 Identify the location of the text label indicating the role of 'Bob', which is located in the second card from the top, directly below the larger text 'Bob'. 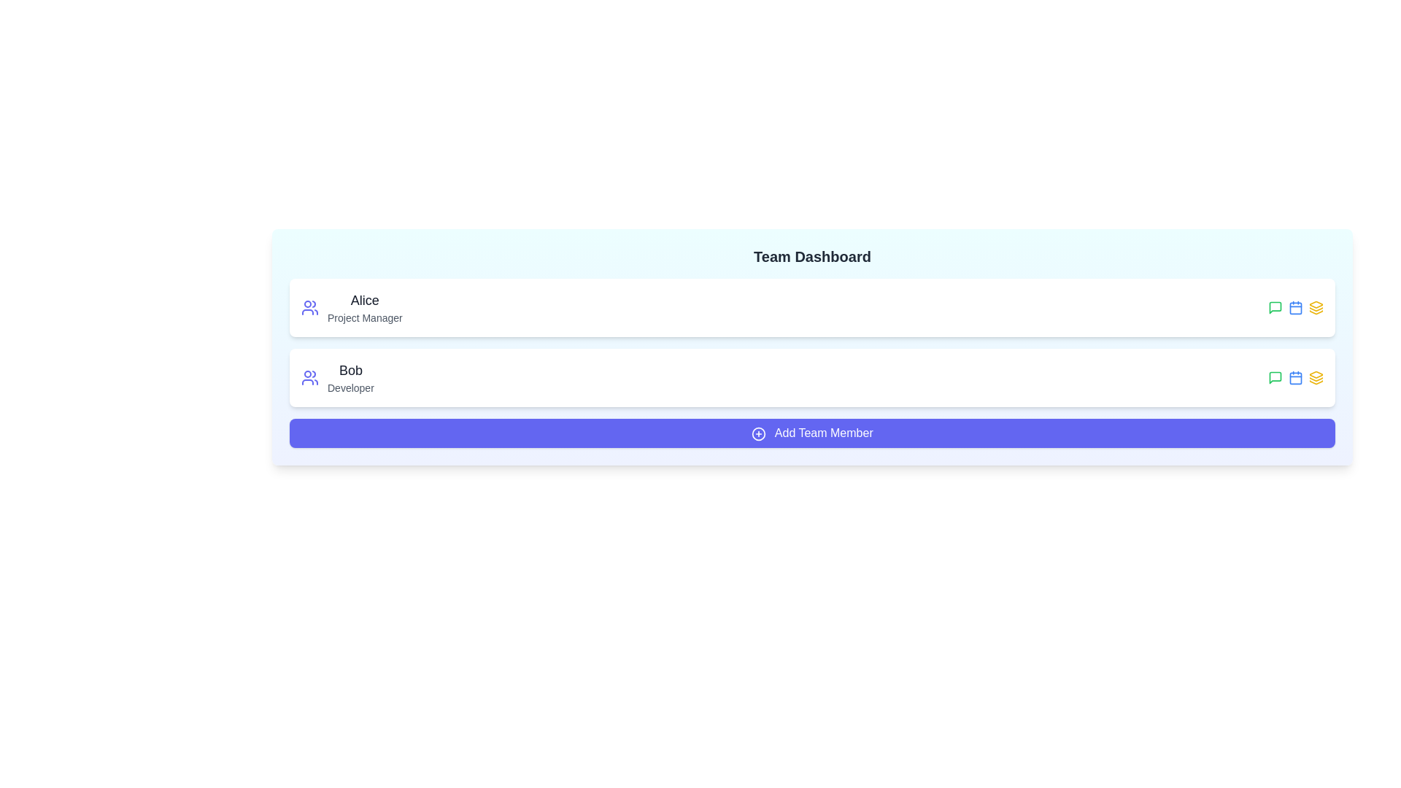
(350, 387).